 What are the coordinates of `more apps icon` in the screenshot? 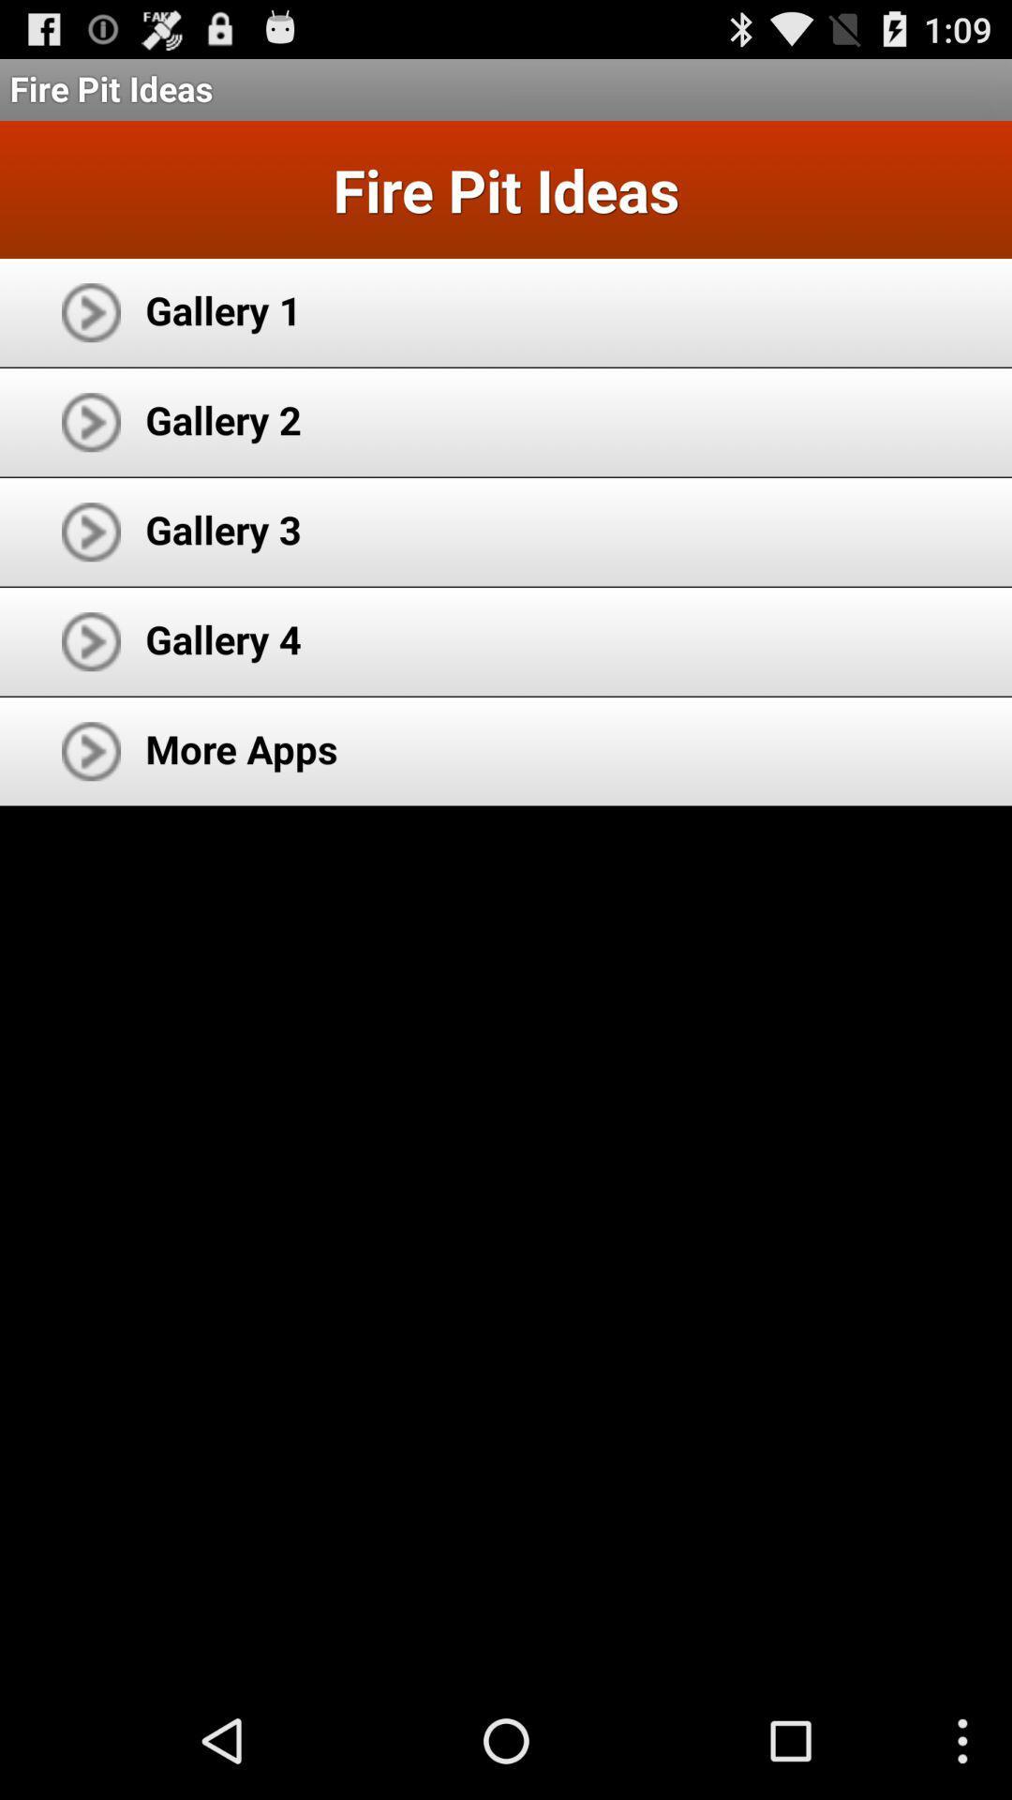 It's located at (241, 747).